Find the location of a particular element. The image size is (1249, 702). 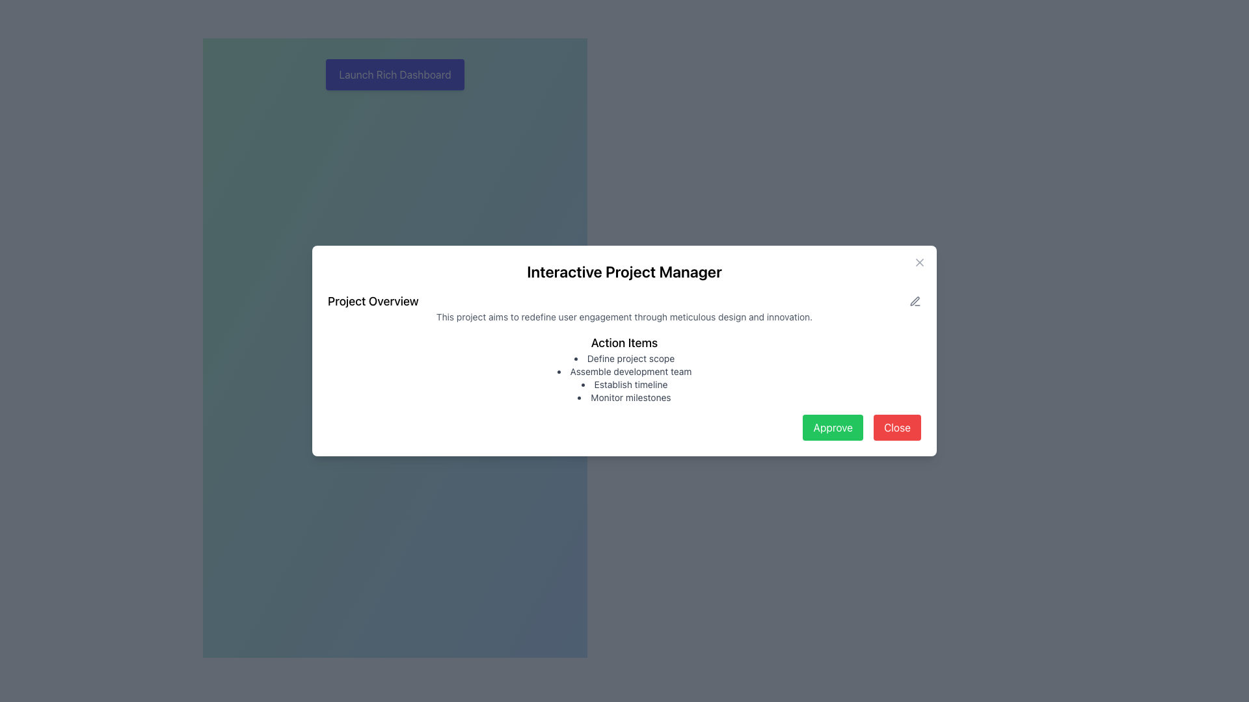

the text block that says 'Establish timeline', which is the third item in the bulleted list under 'Action Items' in the 'Interactive Project Manager' modal dialog box is located at coordinates (624, 383).